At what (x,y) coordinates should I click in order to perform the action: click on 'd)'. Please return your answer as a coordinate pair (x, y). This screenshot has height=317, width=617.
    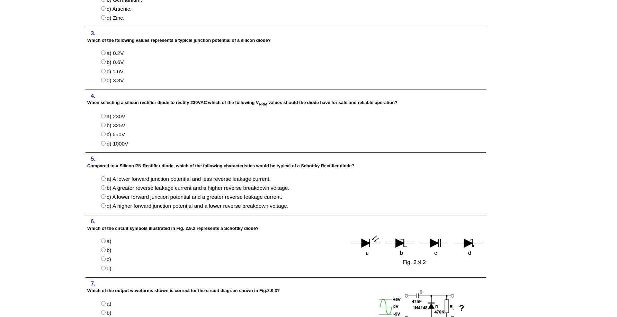
    Looking at the image, I should click on (108, 268).